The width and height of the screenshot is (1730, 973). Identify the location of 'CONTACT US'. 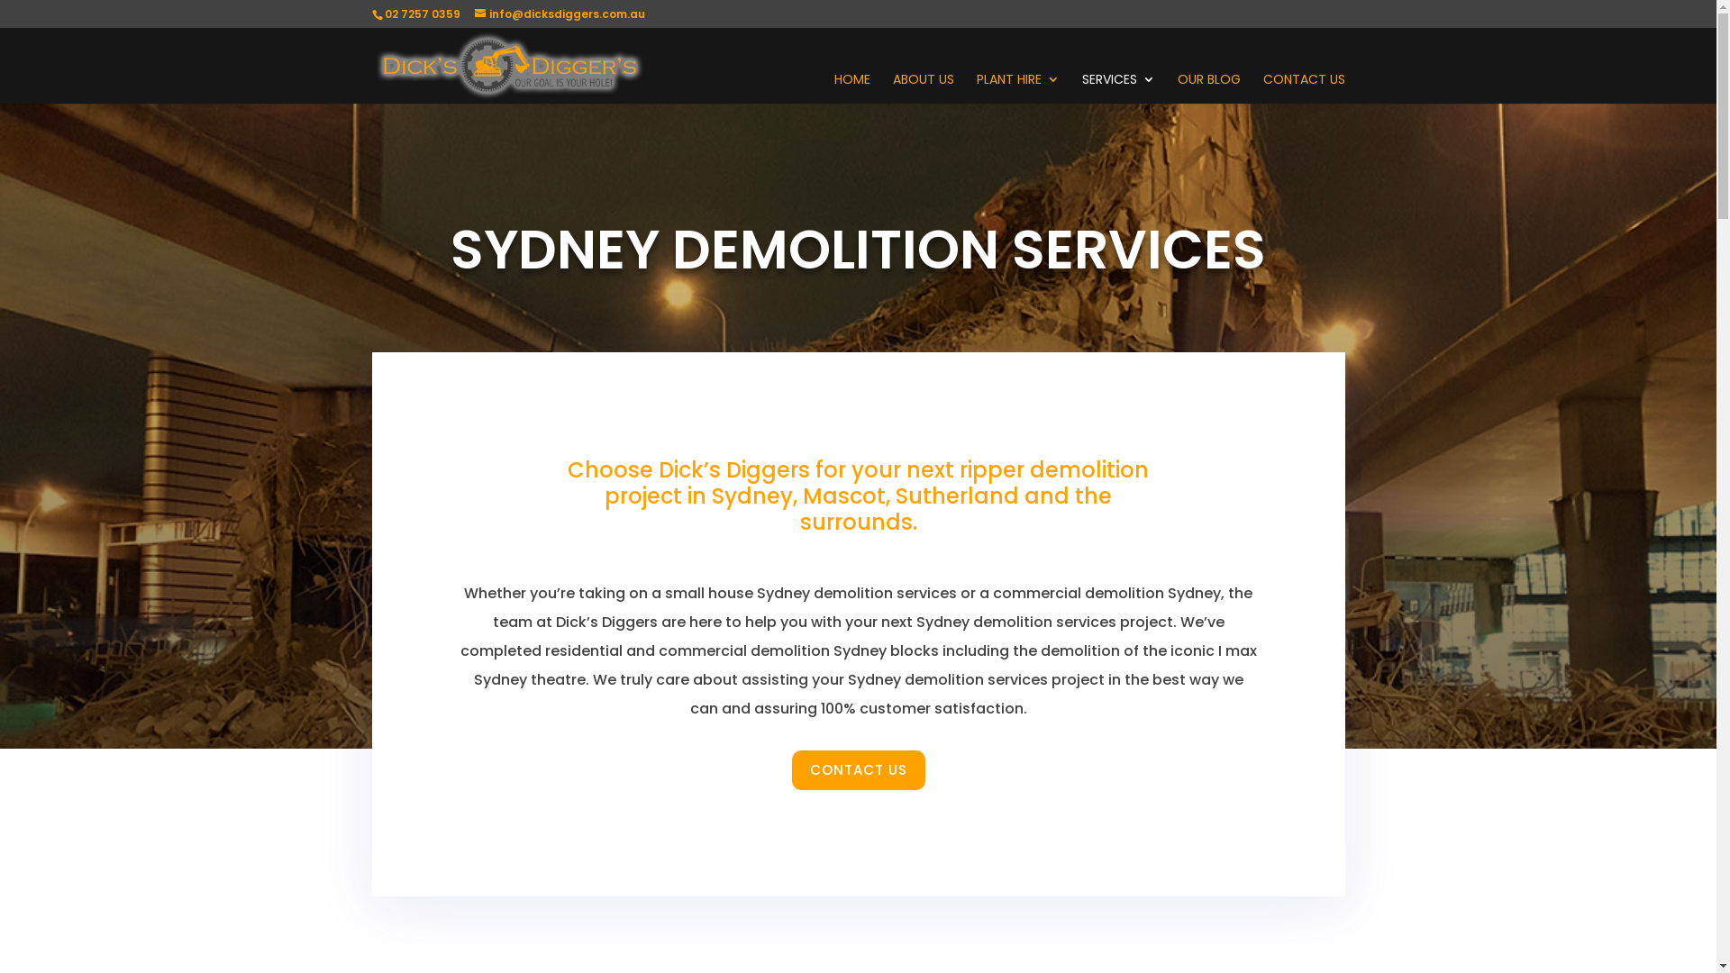
(1304, 87).